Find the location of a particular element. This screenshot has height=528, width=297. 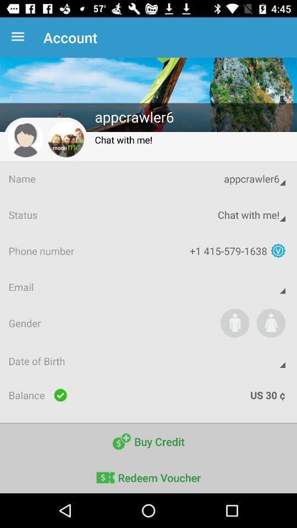

the buy credit icon is located at coordinates (148, 442).